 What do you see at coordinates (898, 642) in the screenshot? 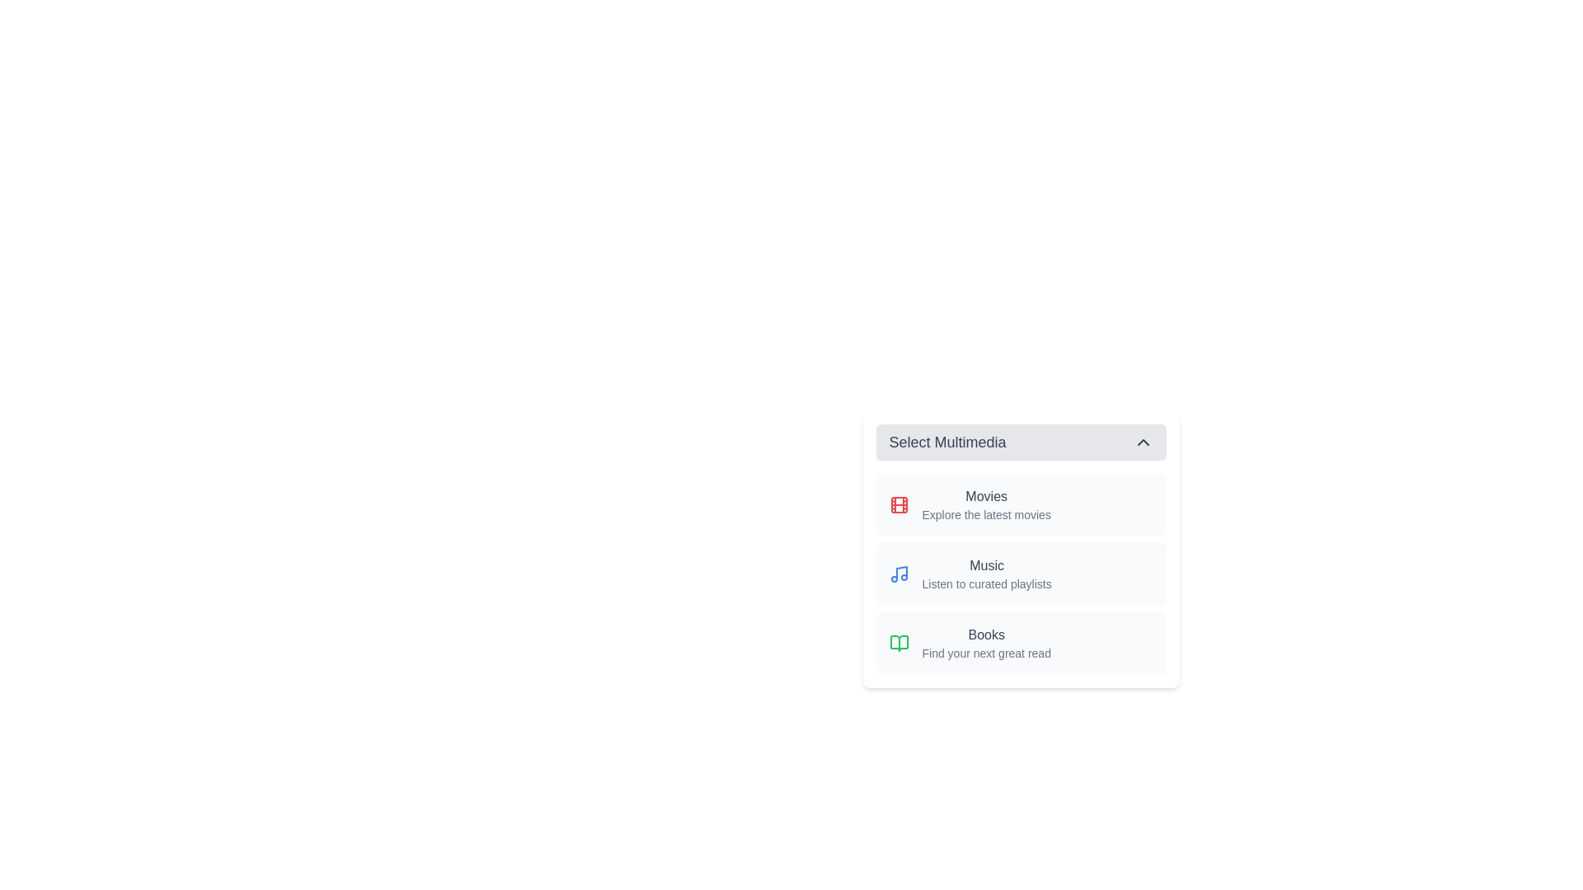
I see `the green book icon located at the top left corner of the 'Books' multimedia selection card, preceding the title and subtitle text` at bounding box center [898, 642].